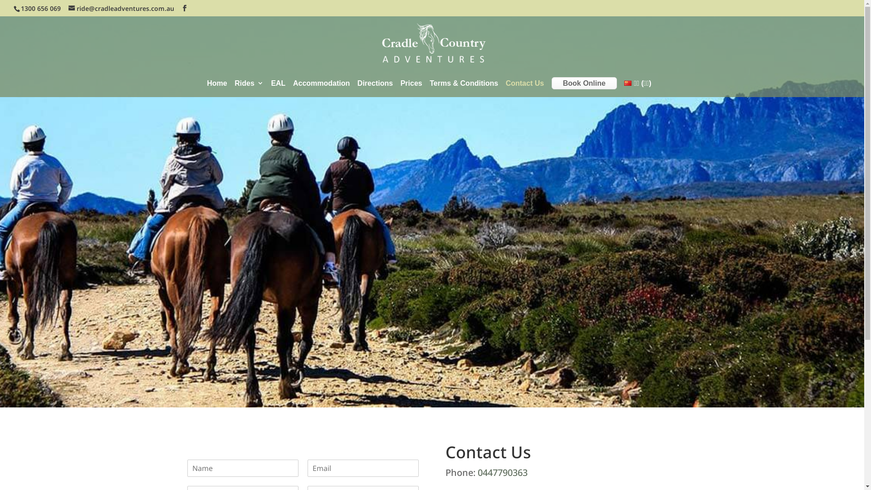  Describe the element at coordinates (121, 8) in the screenshot. I see `'ride@cradleadventures.com.au'` at that location.